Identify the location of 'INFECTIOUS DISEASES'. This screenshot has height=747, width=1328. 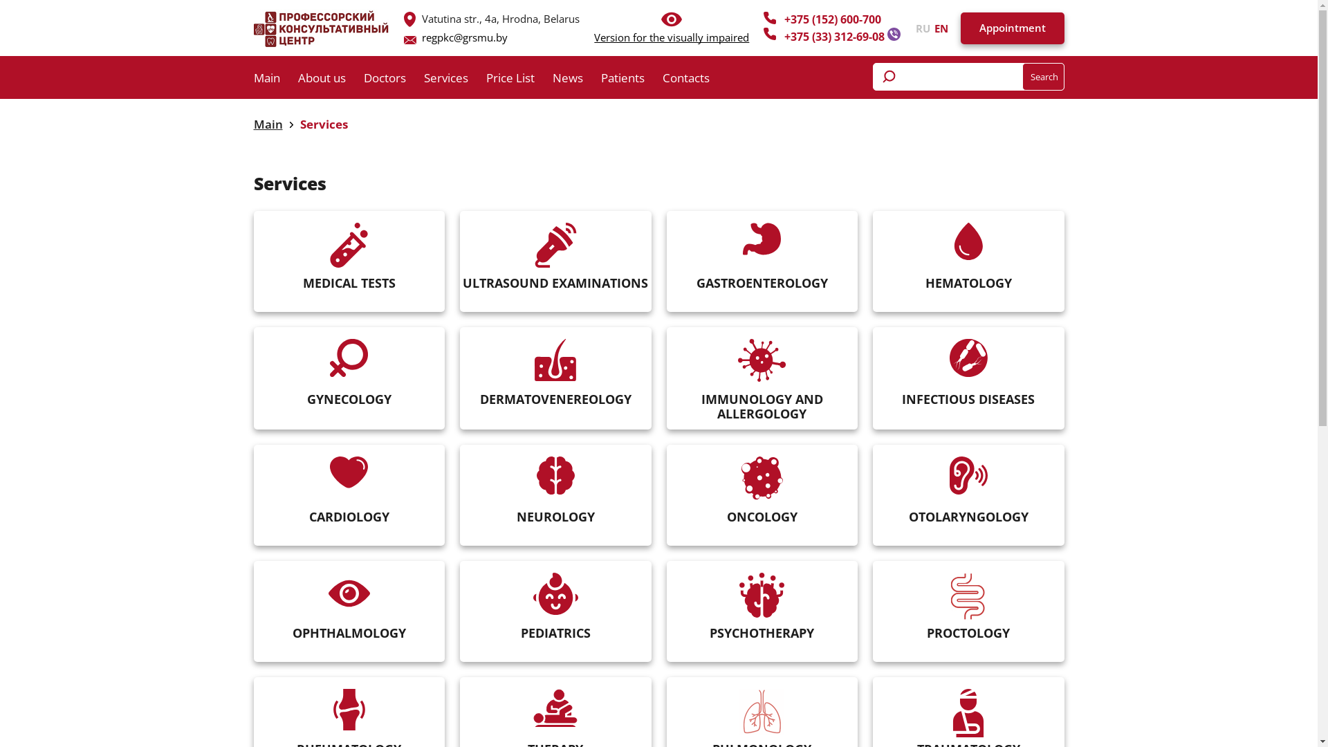
(968, 378).